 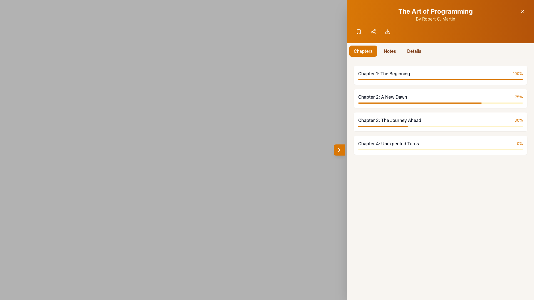 I want to click on the navigation icon located at the left edge of the vertical menu panel, which is part of an amber-colored button with rounded corners, so click(x=339, y=150).